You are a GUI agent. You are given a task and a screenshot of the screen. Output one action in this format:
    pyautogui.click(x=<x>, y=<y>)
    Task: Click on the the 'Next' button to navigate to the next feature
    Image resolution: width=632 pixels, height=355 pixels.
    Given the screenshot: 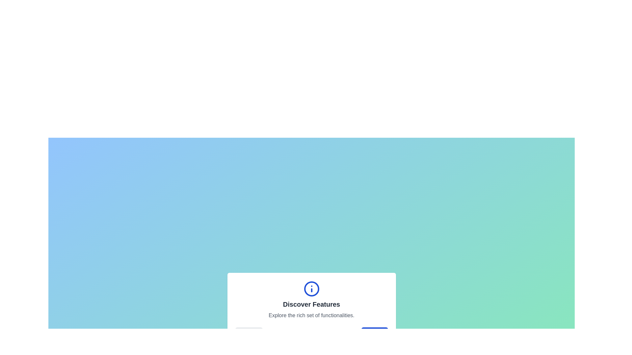 What is the action you would take?
    pyautogui.click(x=374, y=334)
    